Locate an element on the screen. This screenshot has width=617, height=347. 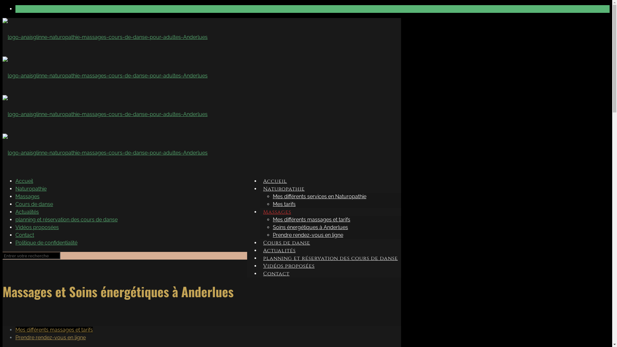
'Accueil' is located at coordinates (24, 181).